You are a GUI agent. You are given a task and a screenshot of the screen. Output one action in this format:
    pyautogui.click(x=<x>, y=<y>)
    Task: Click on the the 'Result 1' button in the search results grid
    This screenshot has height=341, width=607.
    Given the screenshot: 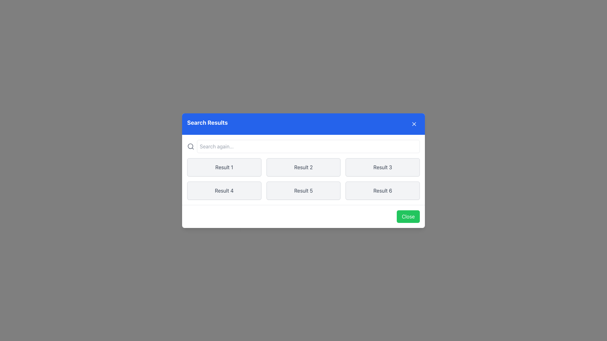 What is the action you would take?
    pyautogui.click(x=224, y=167)
    